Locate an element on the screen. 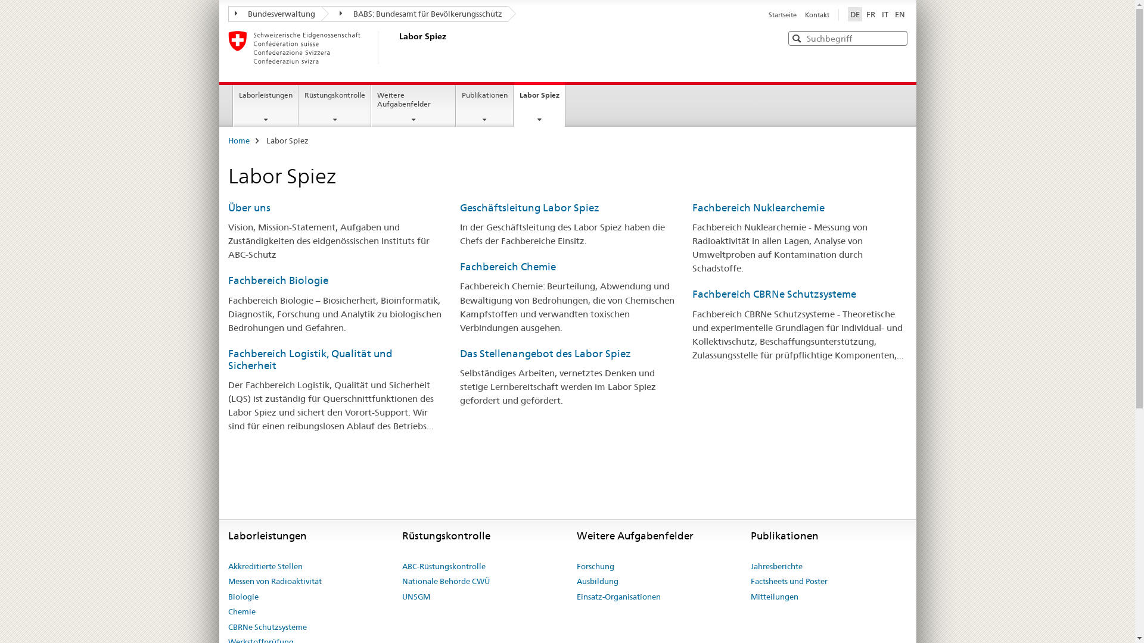  'Labor Spiez is located at coordinates (539, 104).